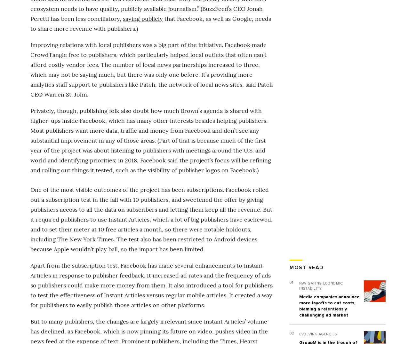  Describe the element at coordinates (151, 285) in the screenshot. I see `'Apart from the subscription test, Facebook has made several enhancements to Instant Articles in response to publisher feedback. It increased ad rates and the frequency of ads so publishers could make more money from them. It also introduced a tool for publishers to test the effectiveness of Instant Articles versus regular mobile articles. It created a way for publishers to easily publish those articles on other platforms.'` at that location.